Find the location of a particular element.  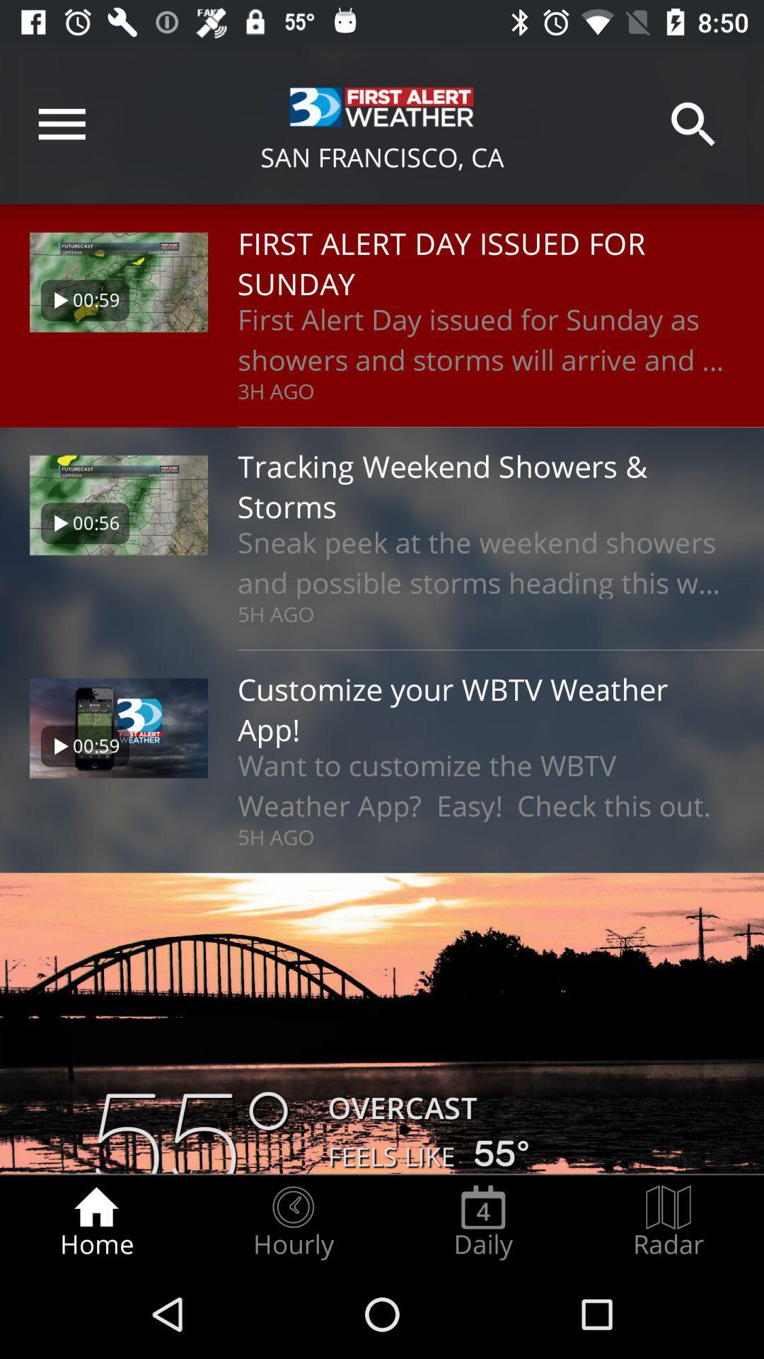

item to the right of the home item is located at coordinates (292, 1222).